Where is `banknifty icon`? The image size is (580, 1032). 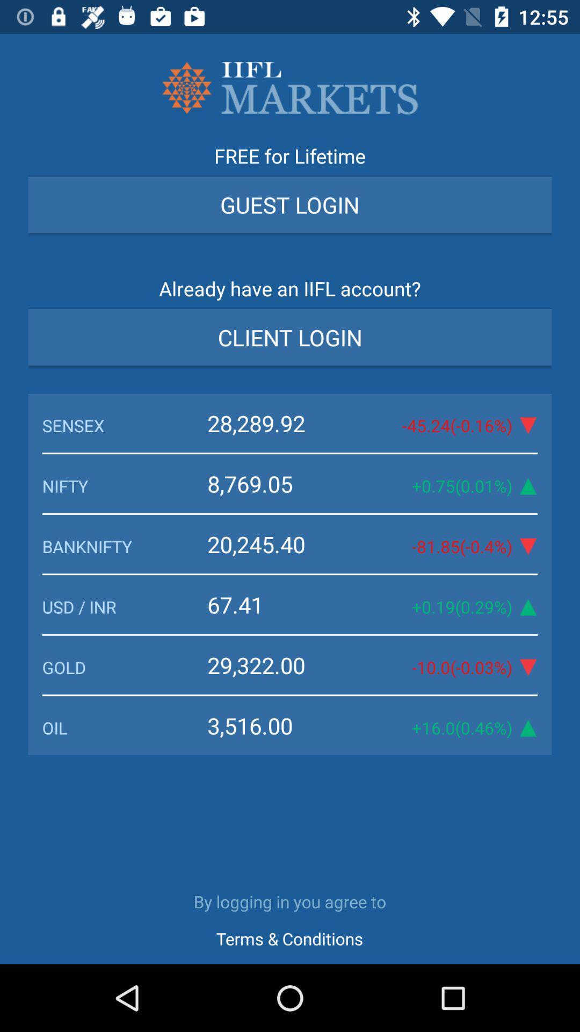 banknifty icon is located at coordinates (124, 546).